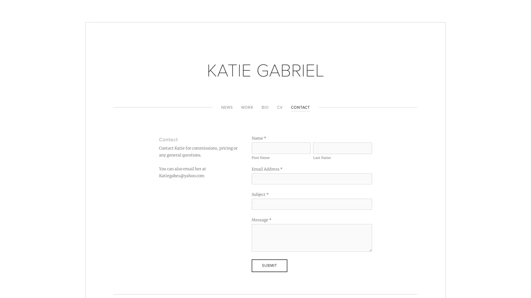 The width and height of the screenshot is (531, 298). What do you see at coordinates (269, 265) in the screenshot?
I see `Submit` at bounding box center [269, 265].